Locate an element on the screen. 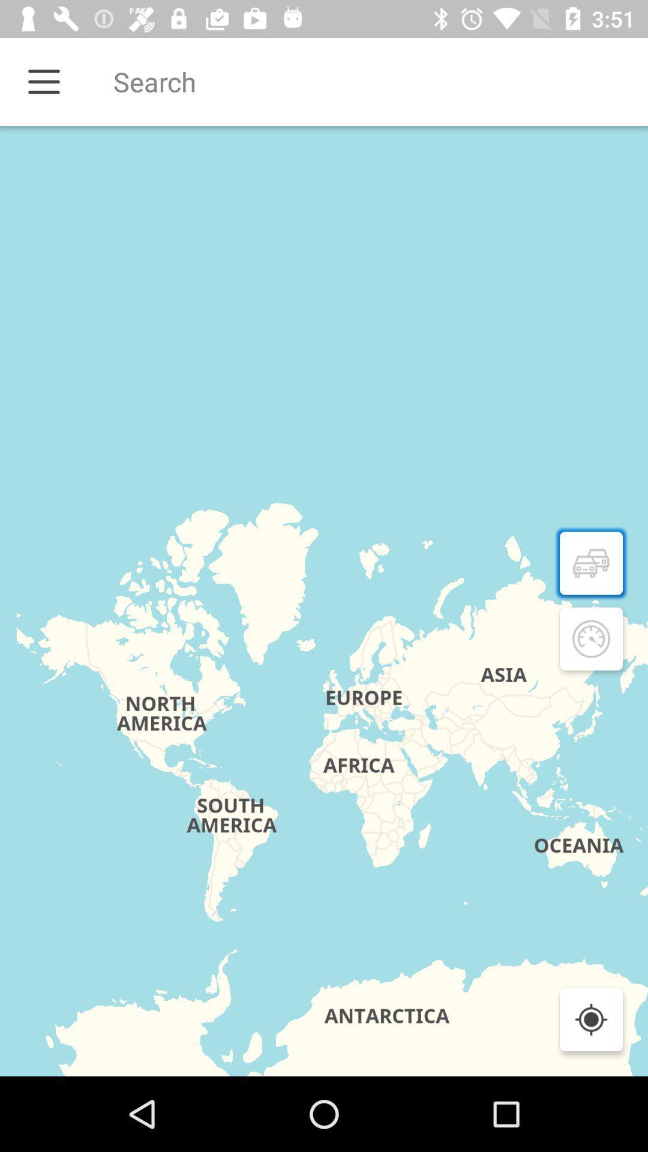  options is located at coordinates (43, 81).